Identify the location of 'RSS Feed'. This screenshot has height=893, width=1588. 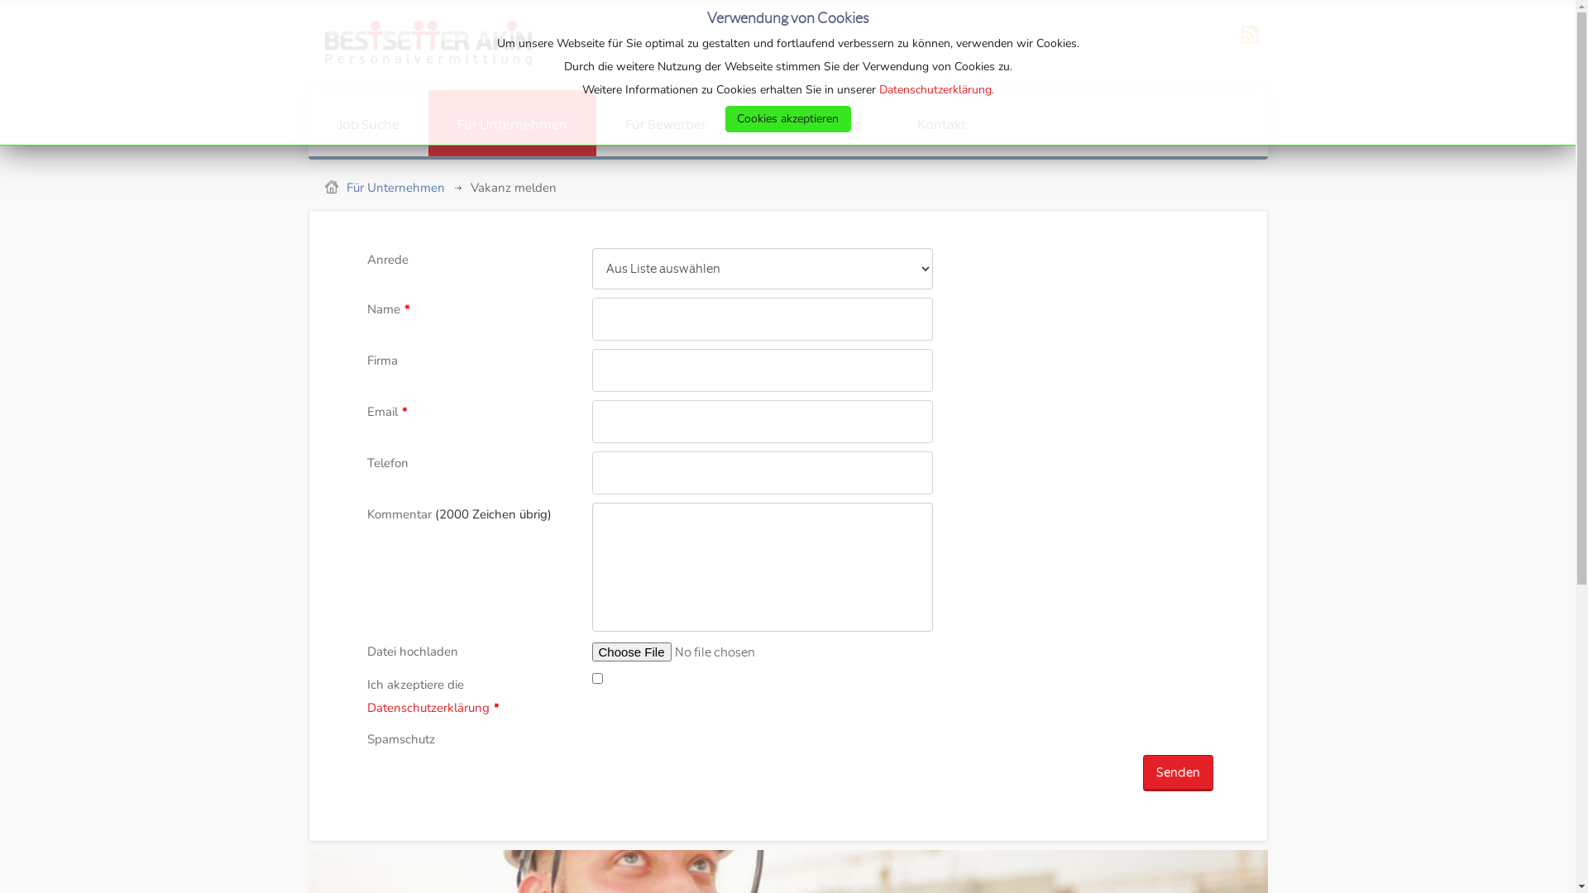
(1235, 44).